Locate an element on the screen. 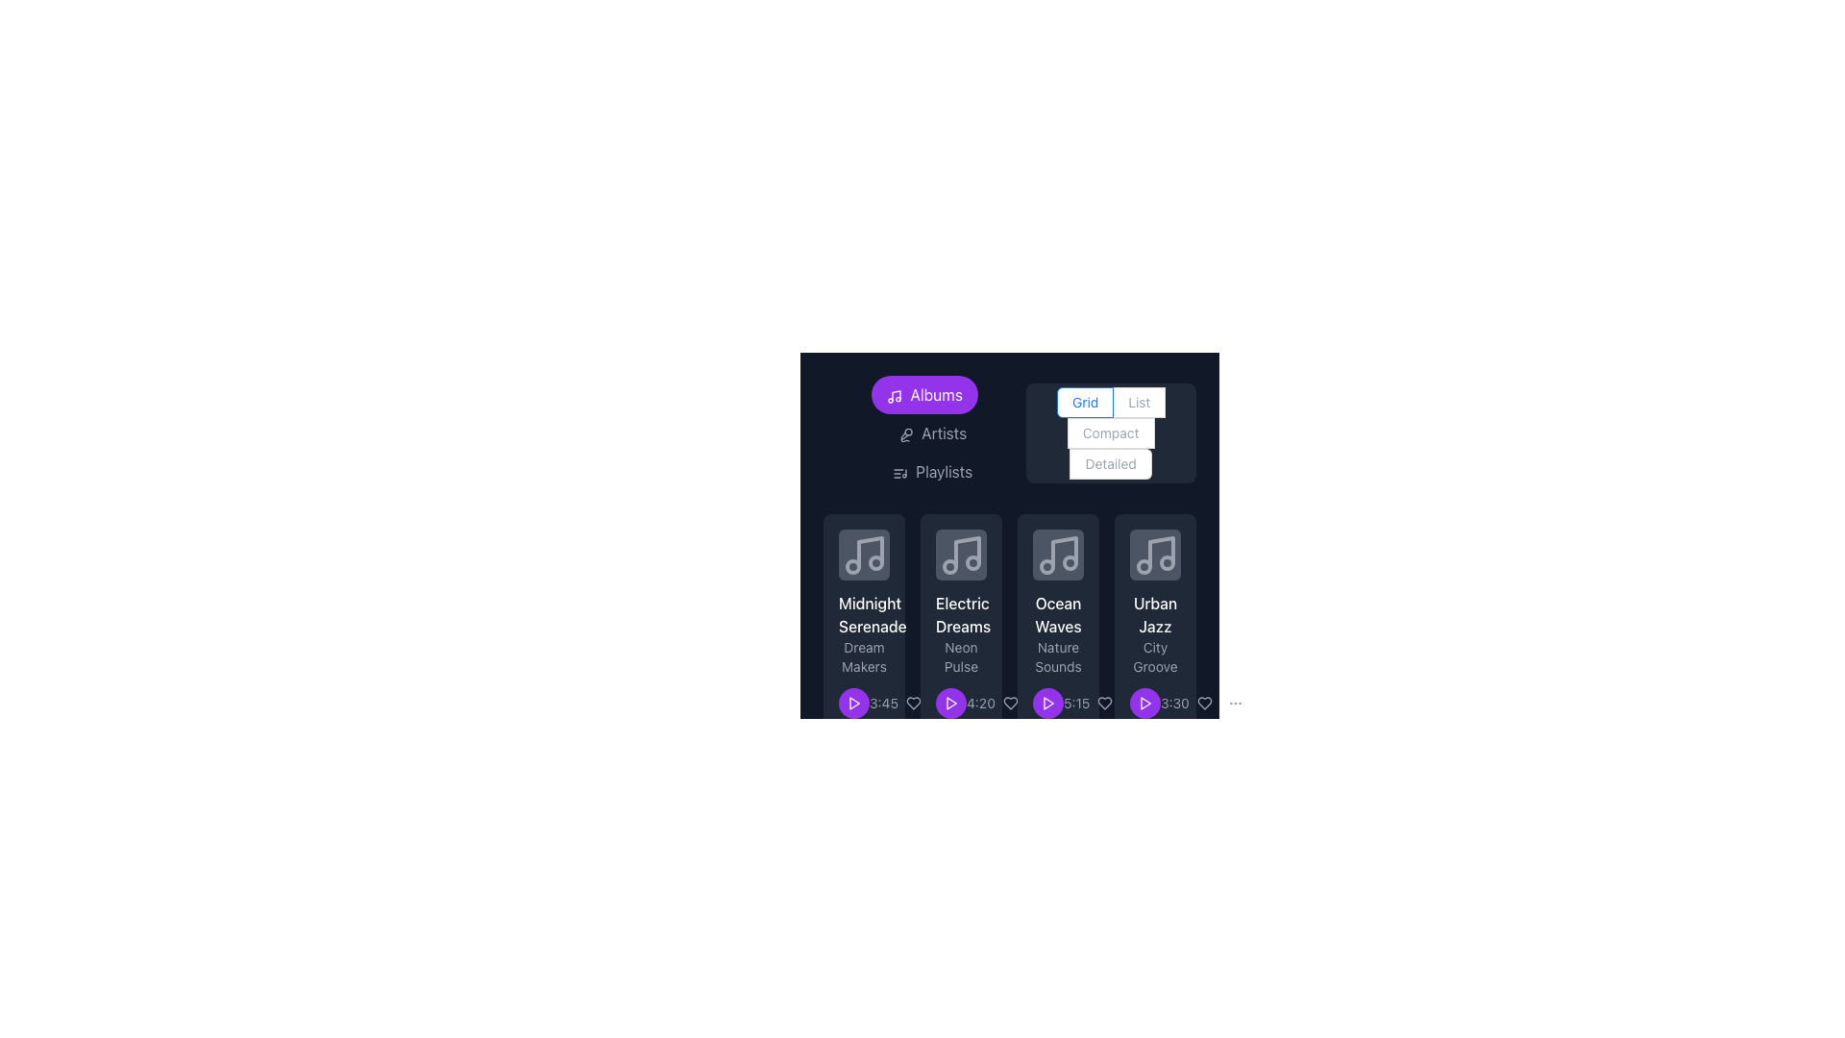 The image size is (1845, 1038). the second button in the row of song buttons located below the text 'Electric Dreams - Neon Pulse' to play the song 'Electric Dreams' is located at coordinates (950, 704).